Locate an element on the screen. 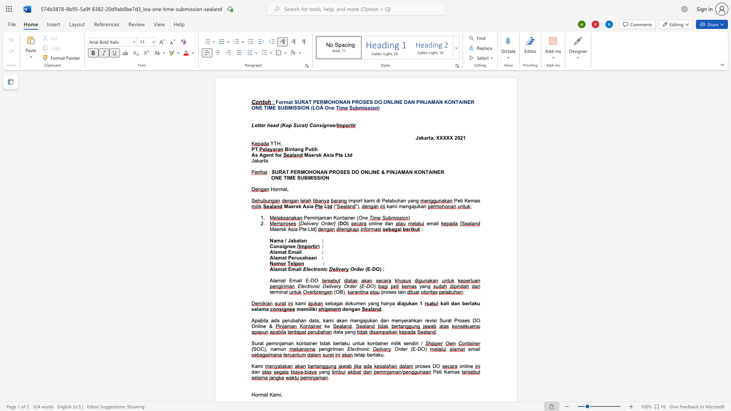 This screenshot has width=731, height=411. the subset text "or" within the text "As Agent for" is located at coordinates (276, 155).